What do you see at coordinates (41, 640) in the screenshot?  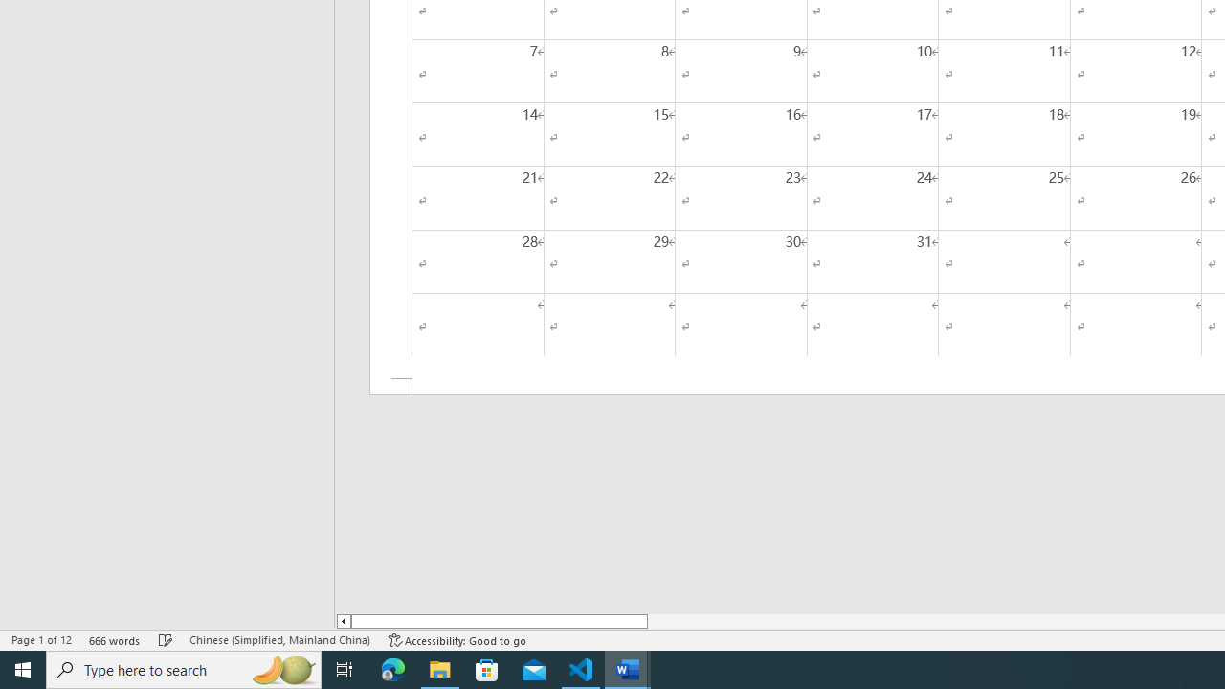 I see `'Page Number Page 1 of 12'` at bounding box center [41, 640].